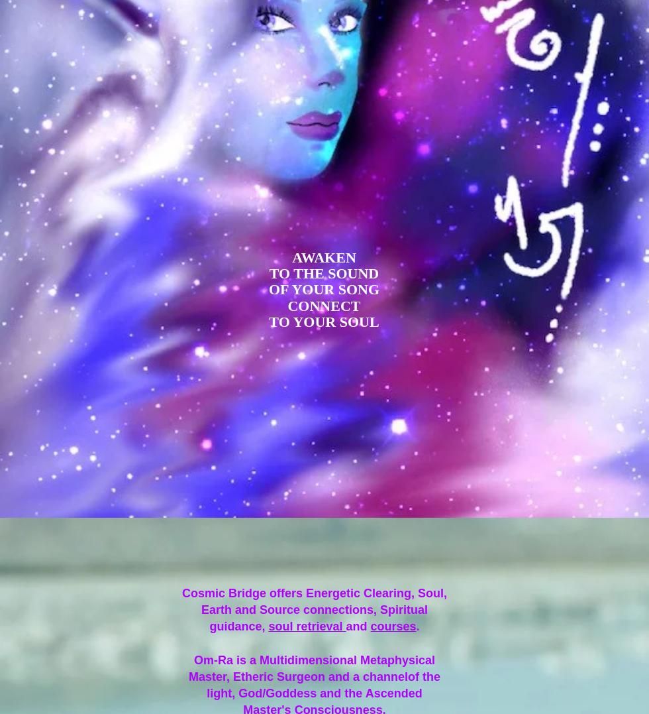  Describe the element at coordinates (324, 305) in the screenshot. I see `'CONNECT'` at that location.